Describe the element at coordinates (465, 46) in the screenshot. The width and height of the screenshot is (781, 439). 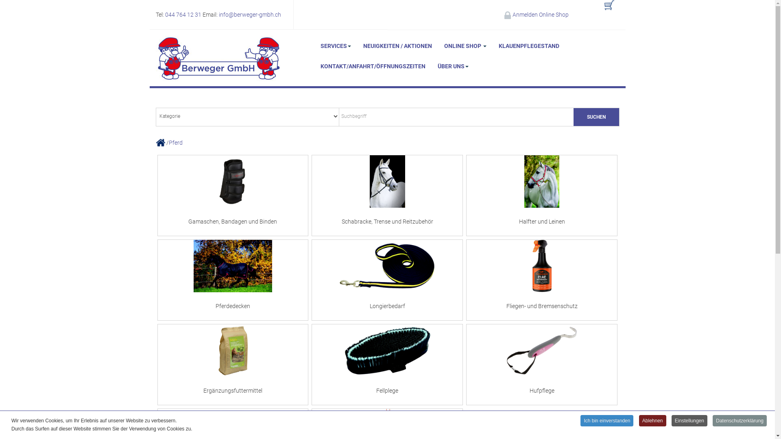
I see `'ONLINE SHOP'` at that location.